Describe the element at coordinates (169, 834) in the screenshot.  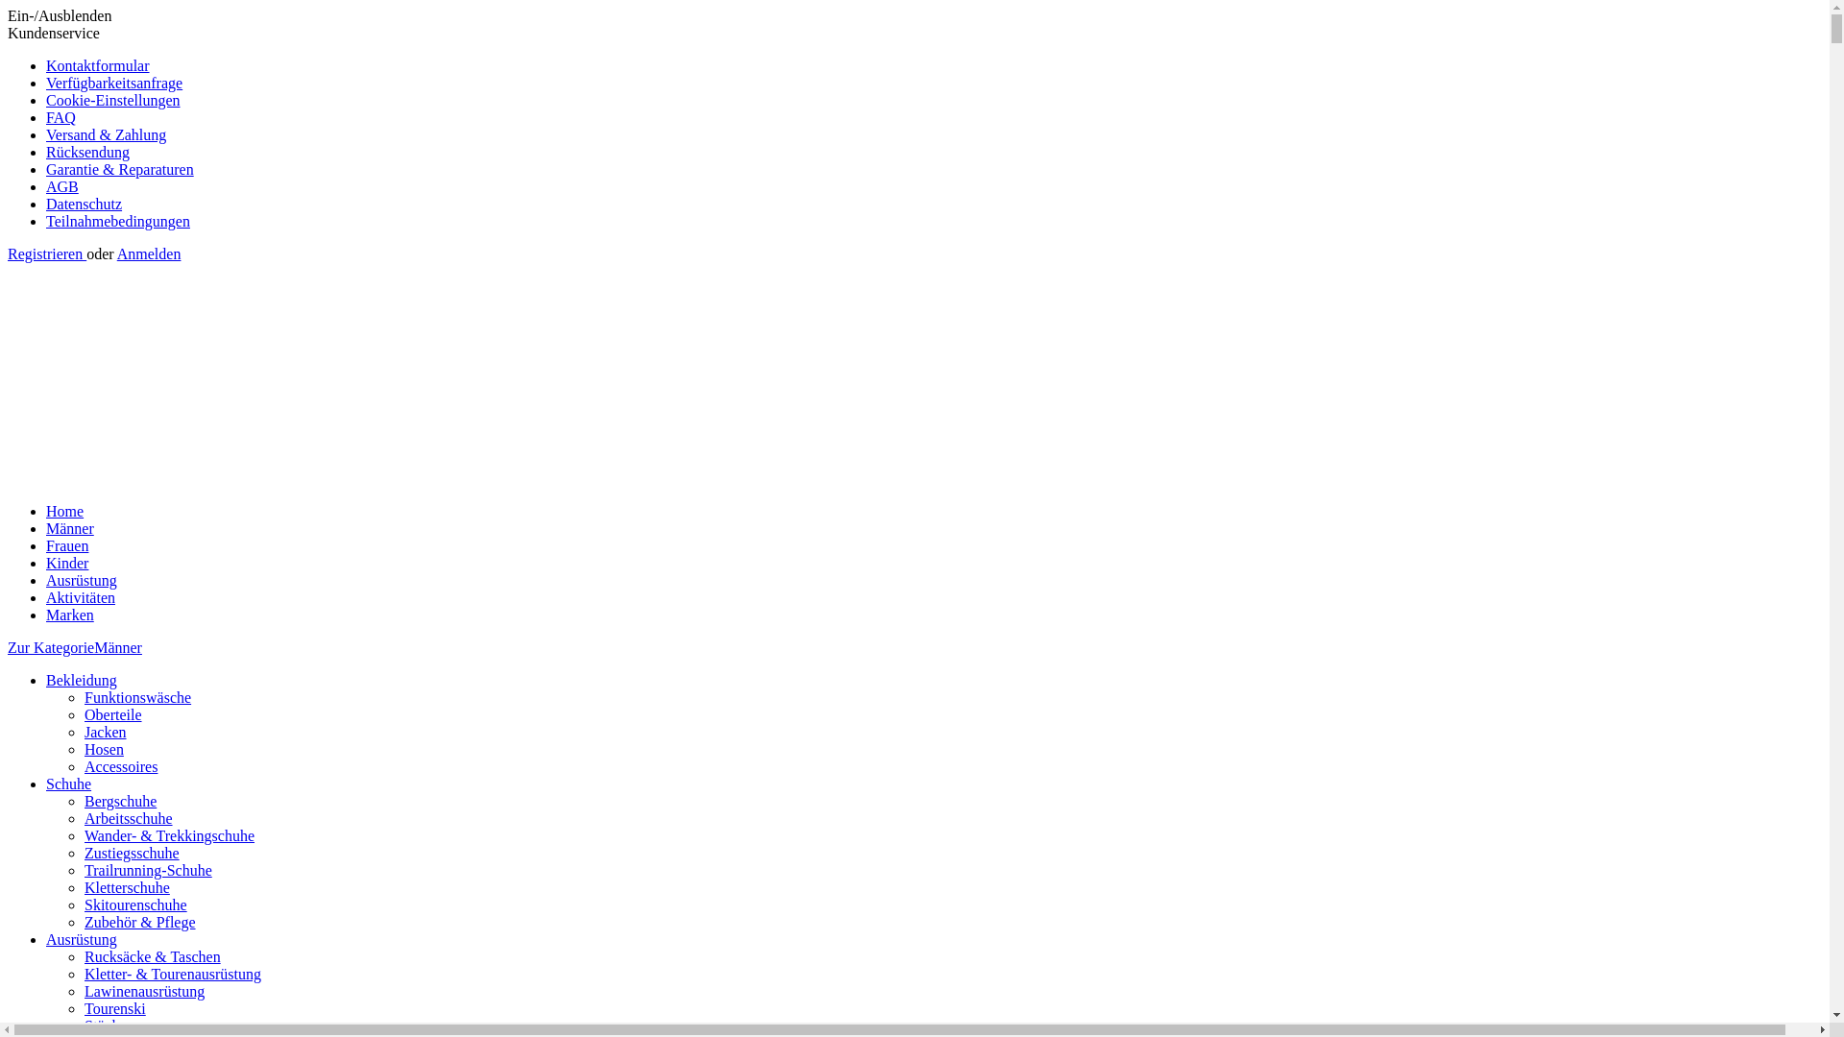
I see `'Wander- & Trekkingschuhe'` at that location.